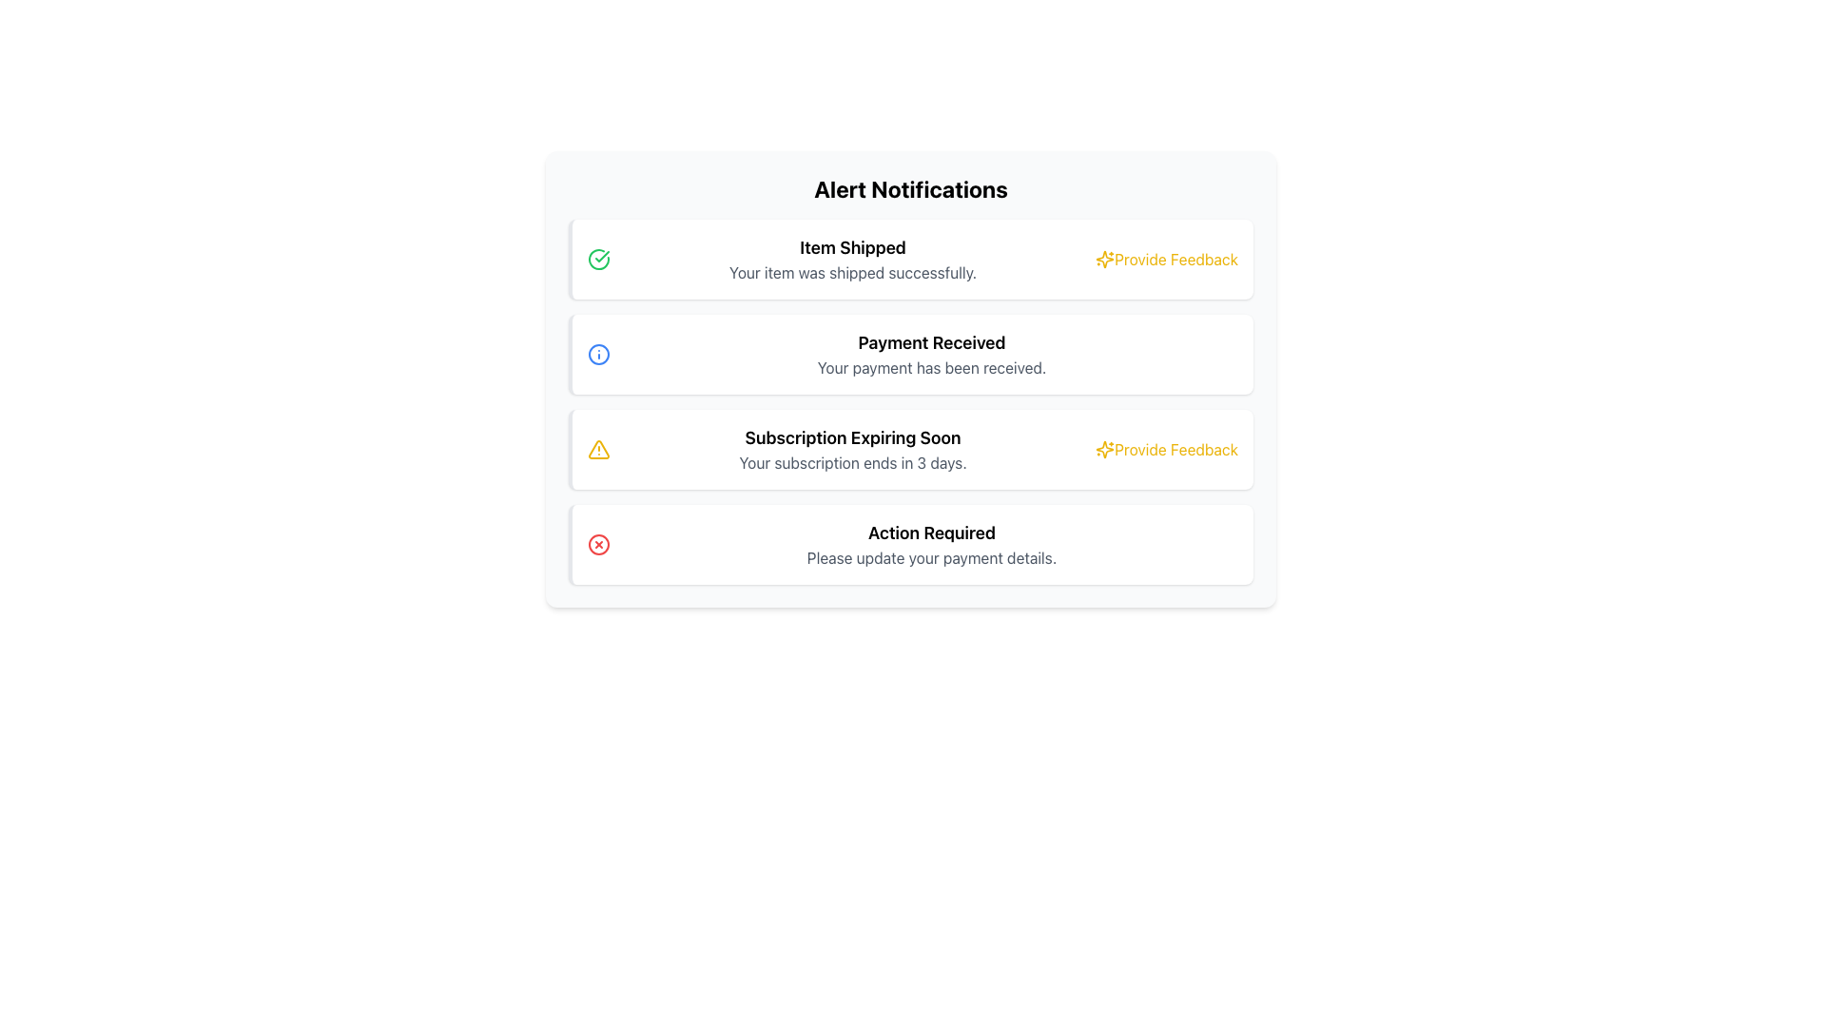 The width and height of the screenshot is (1826, 1027). Describe the element at coordinates (931, 533) in the screenshot. I see `the bold, centered text label reading 'Action Required' located at the top center of the notification card within the 'Alert Notifications' list` at that location.